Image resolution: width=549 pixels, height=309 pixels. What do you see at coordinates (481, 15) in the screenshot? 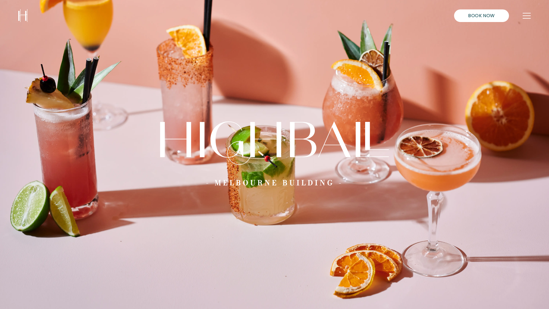
I see `'BOOK NOW'` at bounding box center [481, 15].